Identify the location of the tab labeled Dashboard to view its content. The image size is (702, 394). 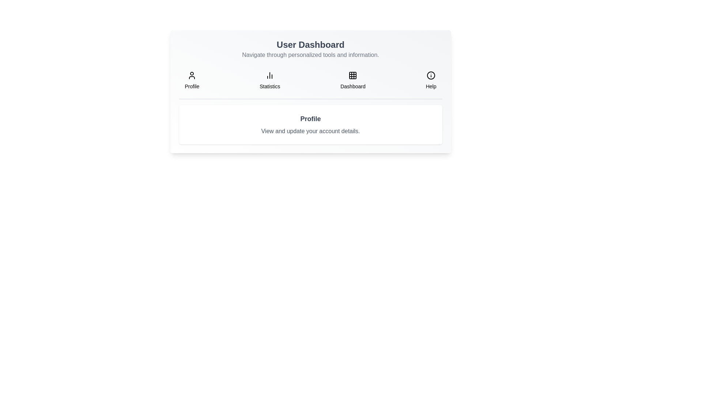
(352, 80).